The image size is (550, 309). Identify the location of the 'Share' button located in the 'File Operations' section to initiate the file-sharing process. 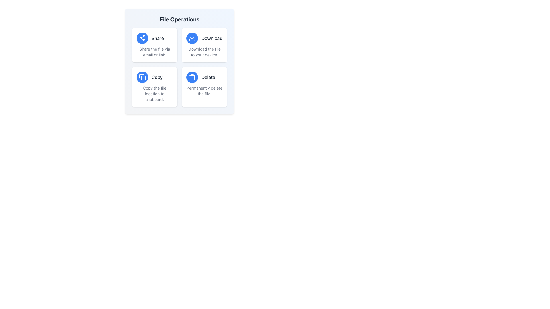
(142, 38).